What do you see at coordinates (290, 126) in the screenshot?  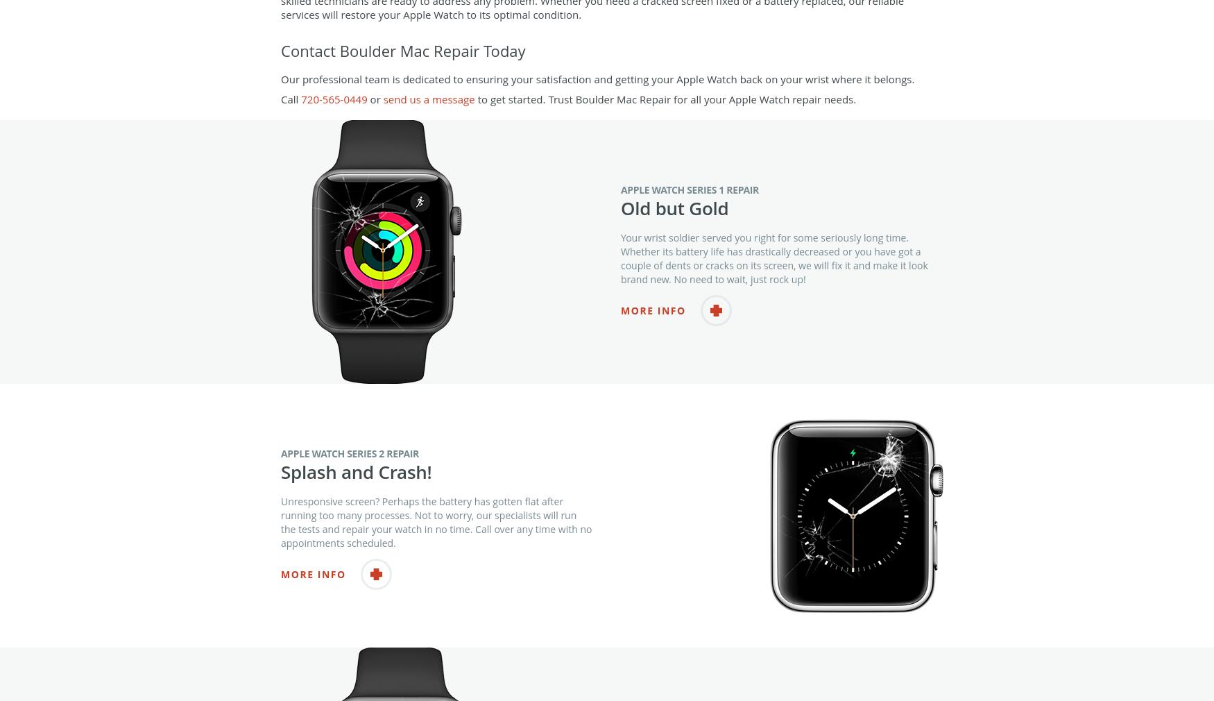 I see `'Call'` at bounding box center [290, 126].